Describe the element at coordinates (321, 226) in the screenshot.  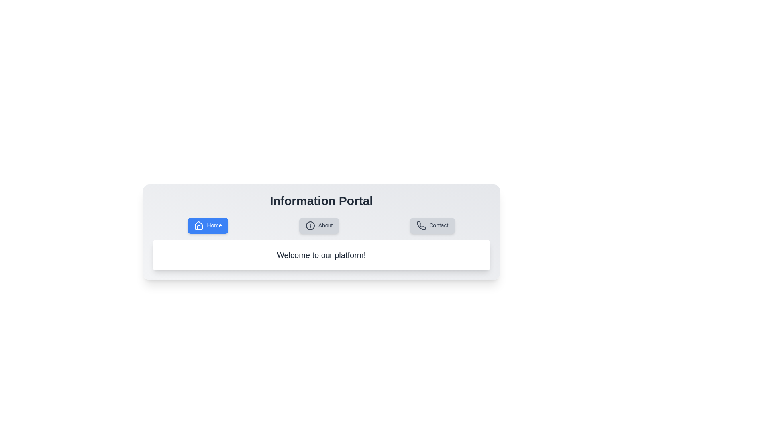
I see `the 'About' tab on the navigation tab bar located near the top of the visible section, which is horizontally aligned with 'Home' on the left and 'Contact' on the right` at that location.